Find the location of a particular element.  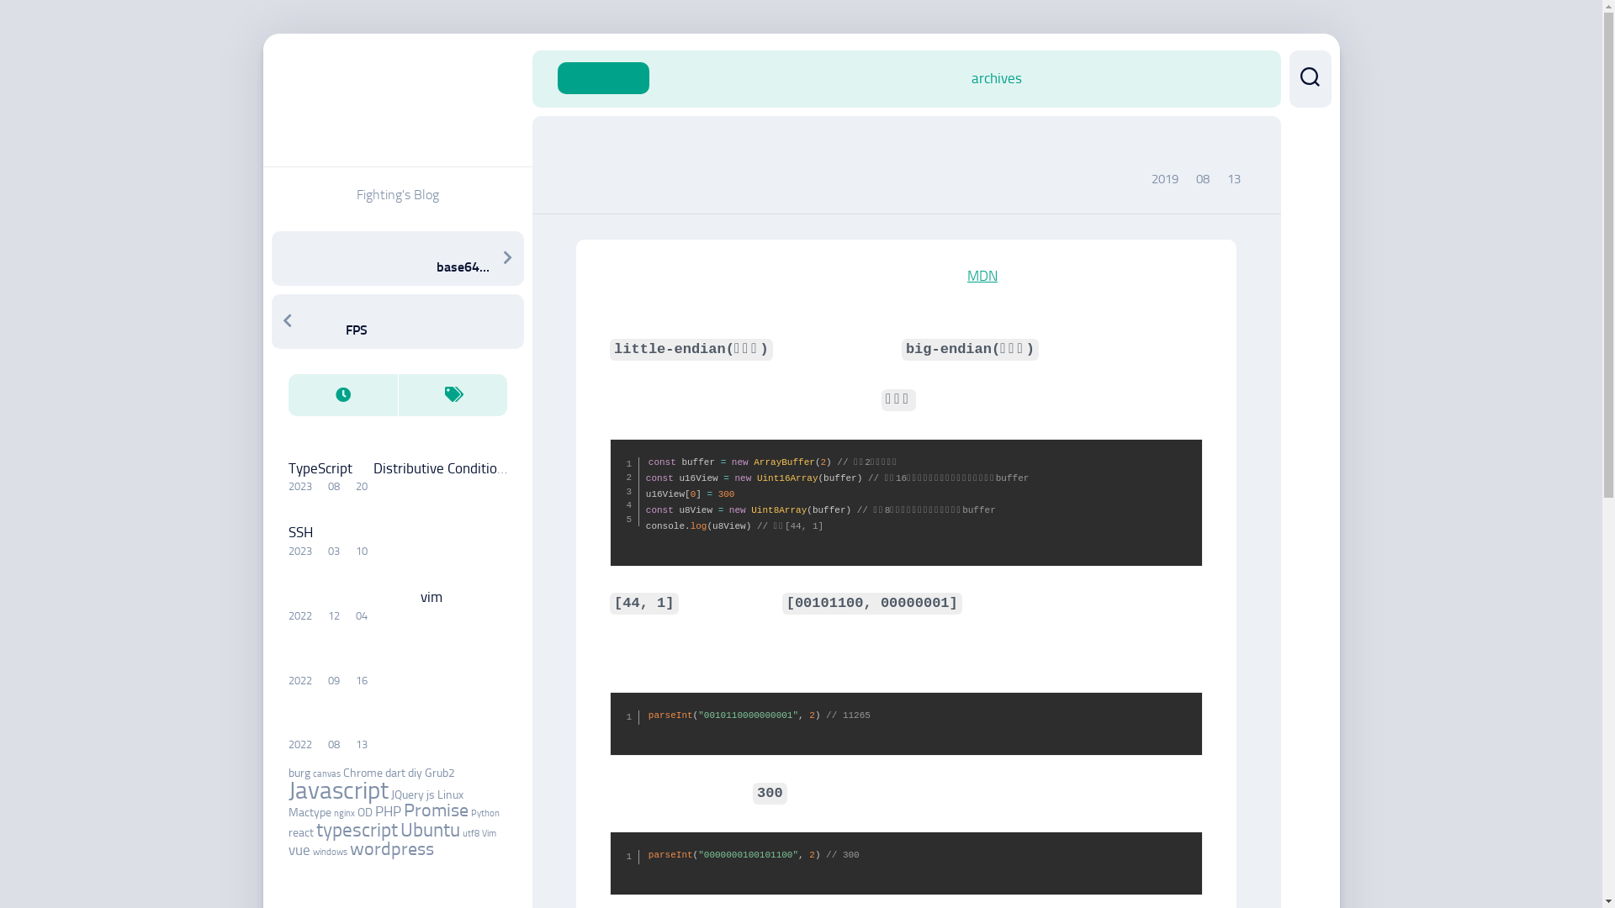

'Ubuntu' is located at coordinates (430, 829).